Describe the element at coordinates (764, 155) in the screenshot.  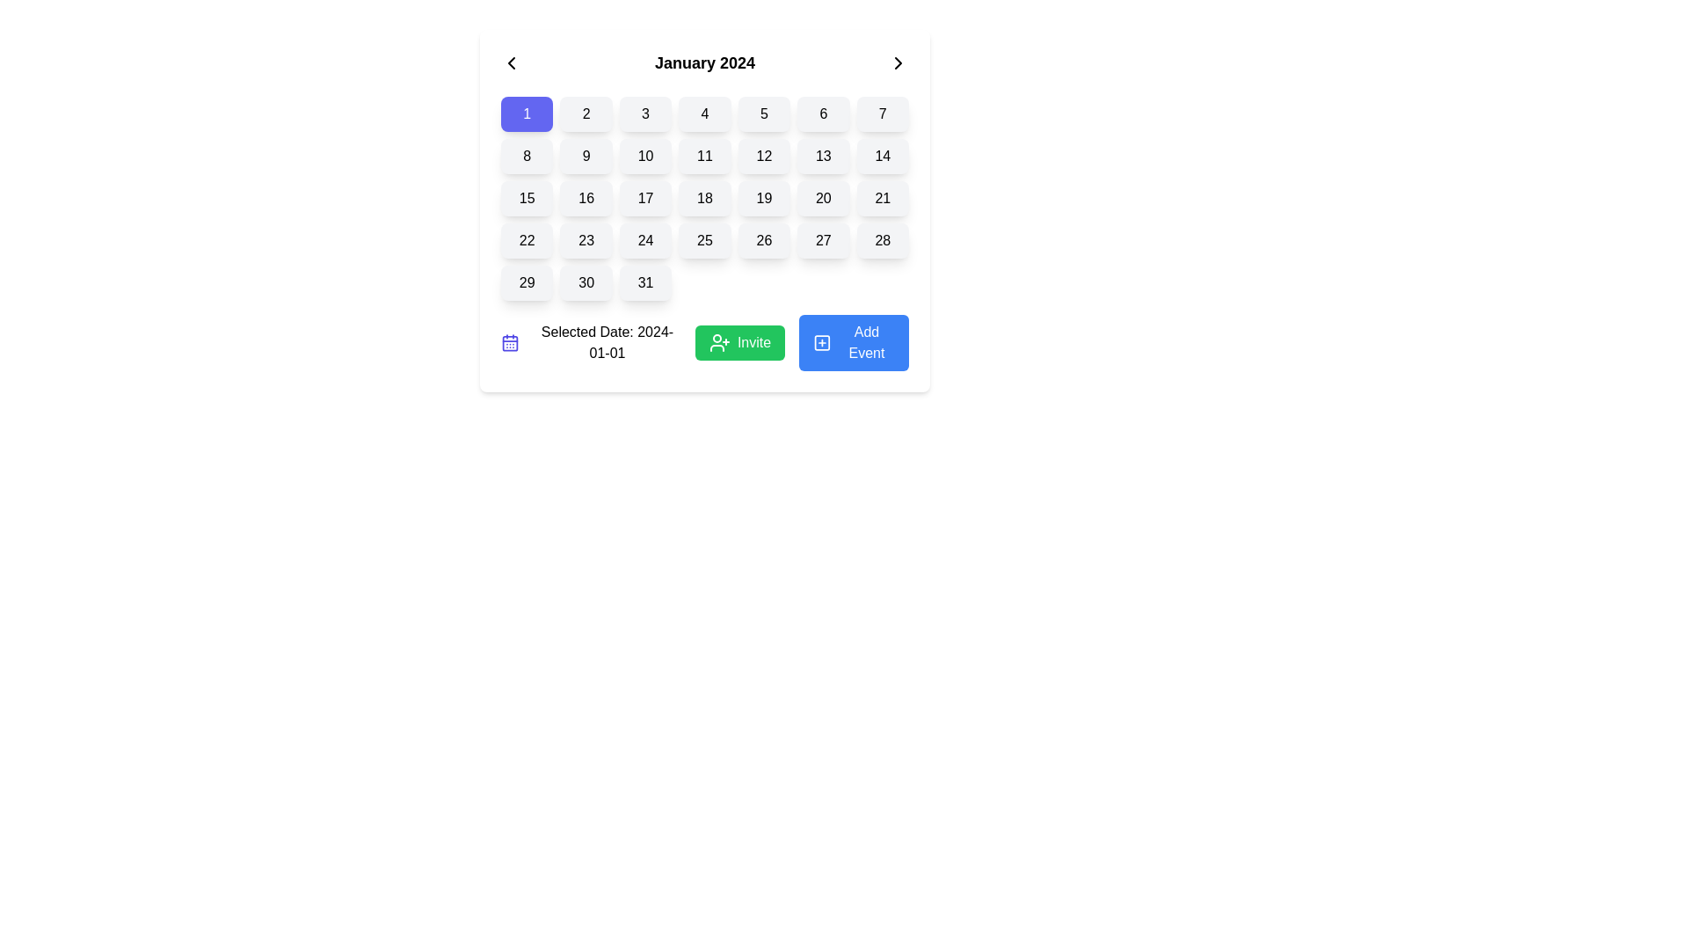
I see `the button displaying the number '12' in the calendar grid layout` at that location.